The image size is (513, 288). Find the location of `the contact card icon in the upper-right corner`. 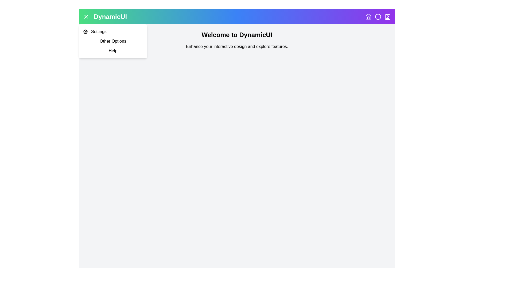

the contact card icon in the upper-right corner is located at coordinates (387, 16).